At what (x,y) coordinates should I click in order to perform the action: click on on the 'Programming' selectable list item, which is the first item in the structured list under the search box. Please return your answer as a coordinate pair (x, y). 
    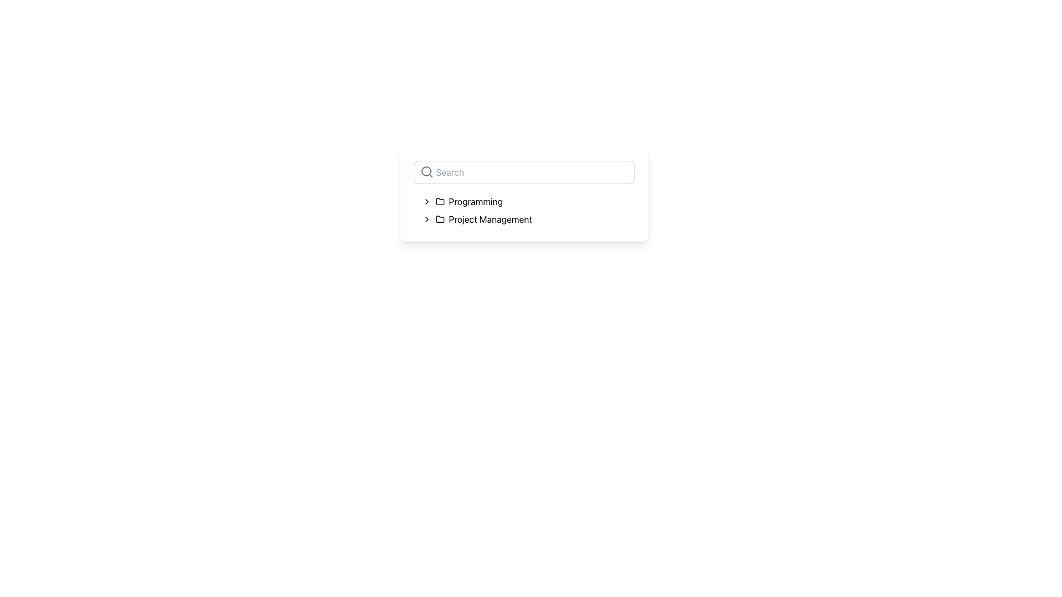
    Looking at the image, I should click on (528, 202).